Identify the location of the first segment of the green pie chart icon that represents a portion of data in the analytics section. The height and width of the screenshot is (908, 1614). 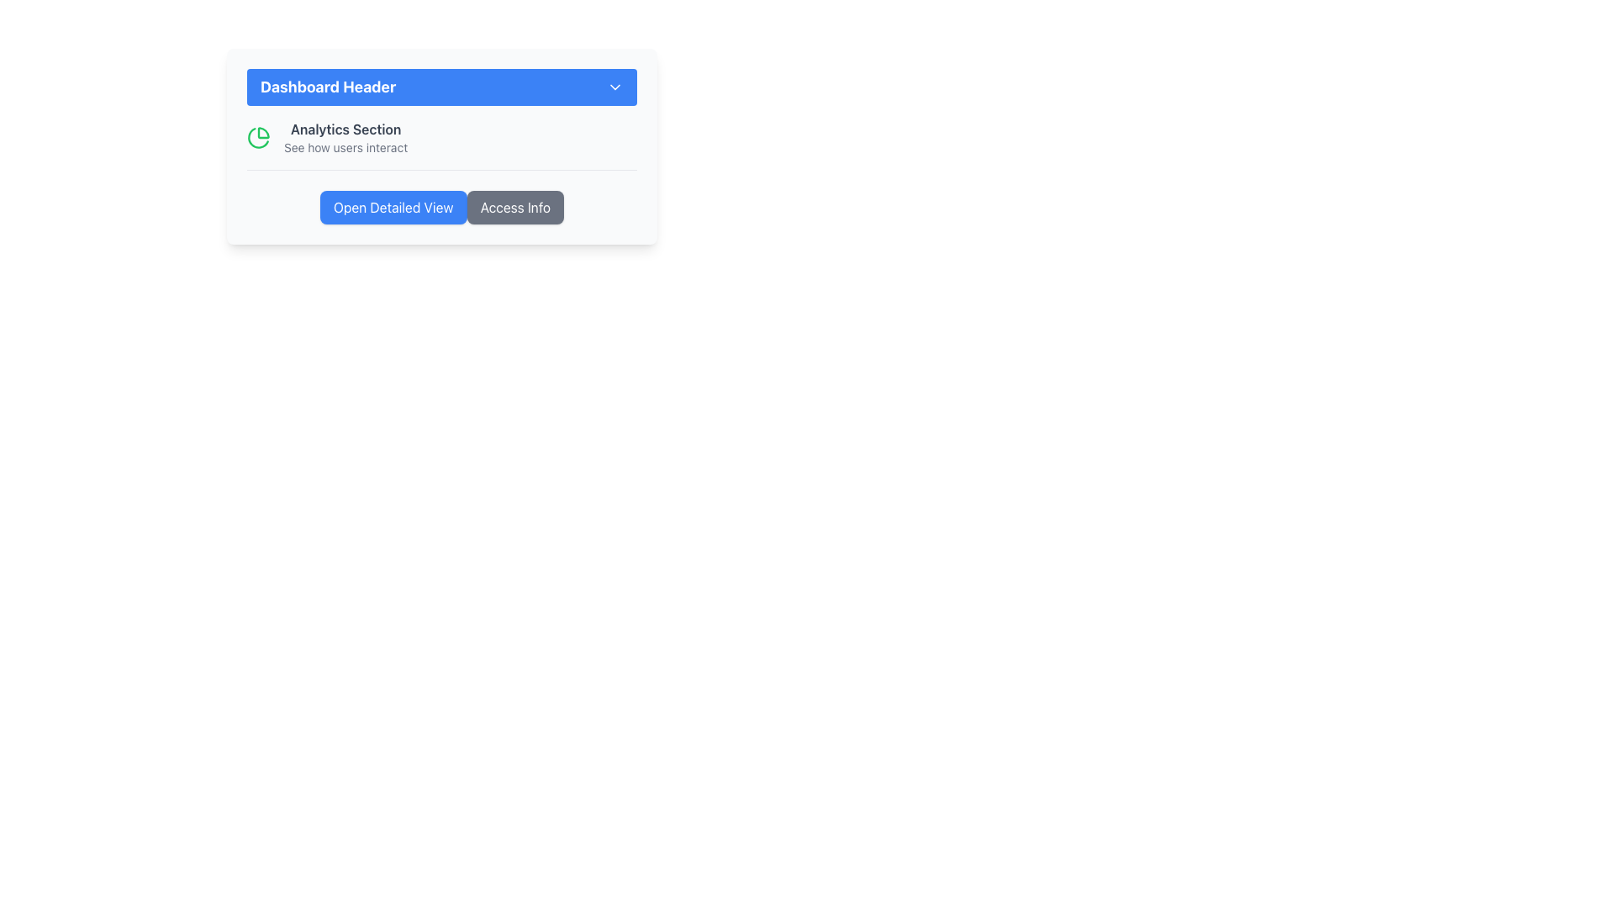
(262, 132).